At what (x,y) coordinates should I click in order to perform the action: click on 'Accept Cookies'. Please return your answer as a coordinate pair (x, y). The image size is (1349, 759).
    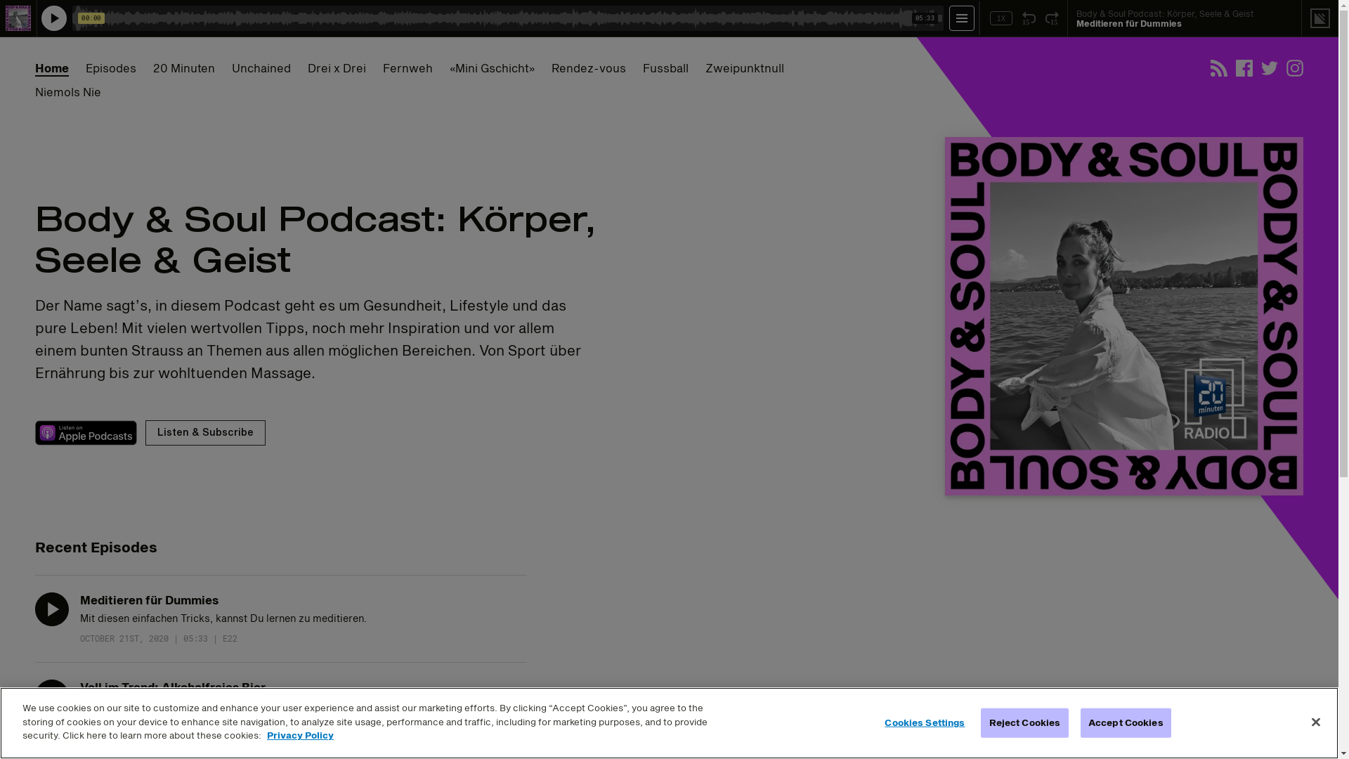
    Looking at the image, I should click on (1079, 723).